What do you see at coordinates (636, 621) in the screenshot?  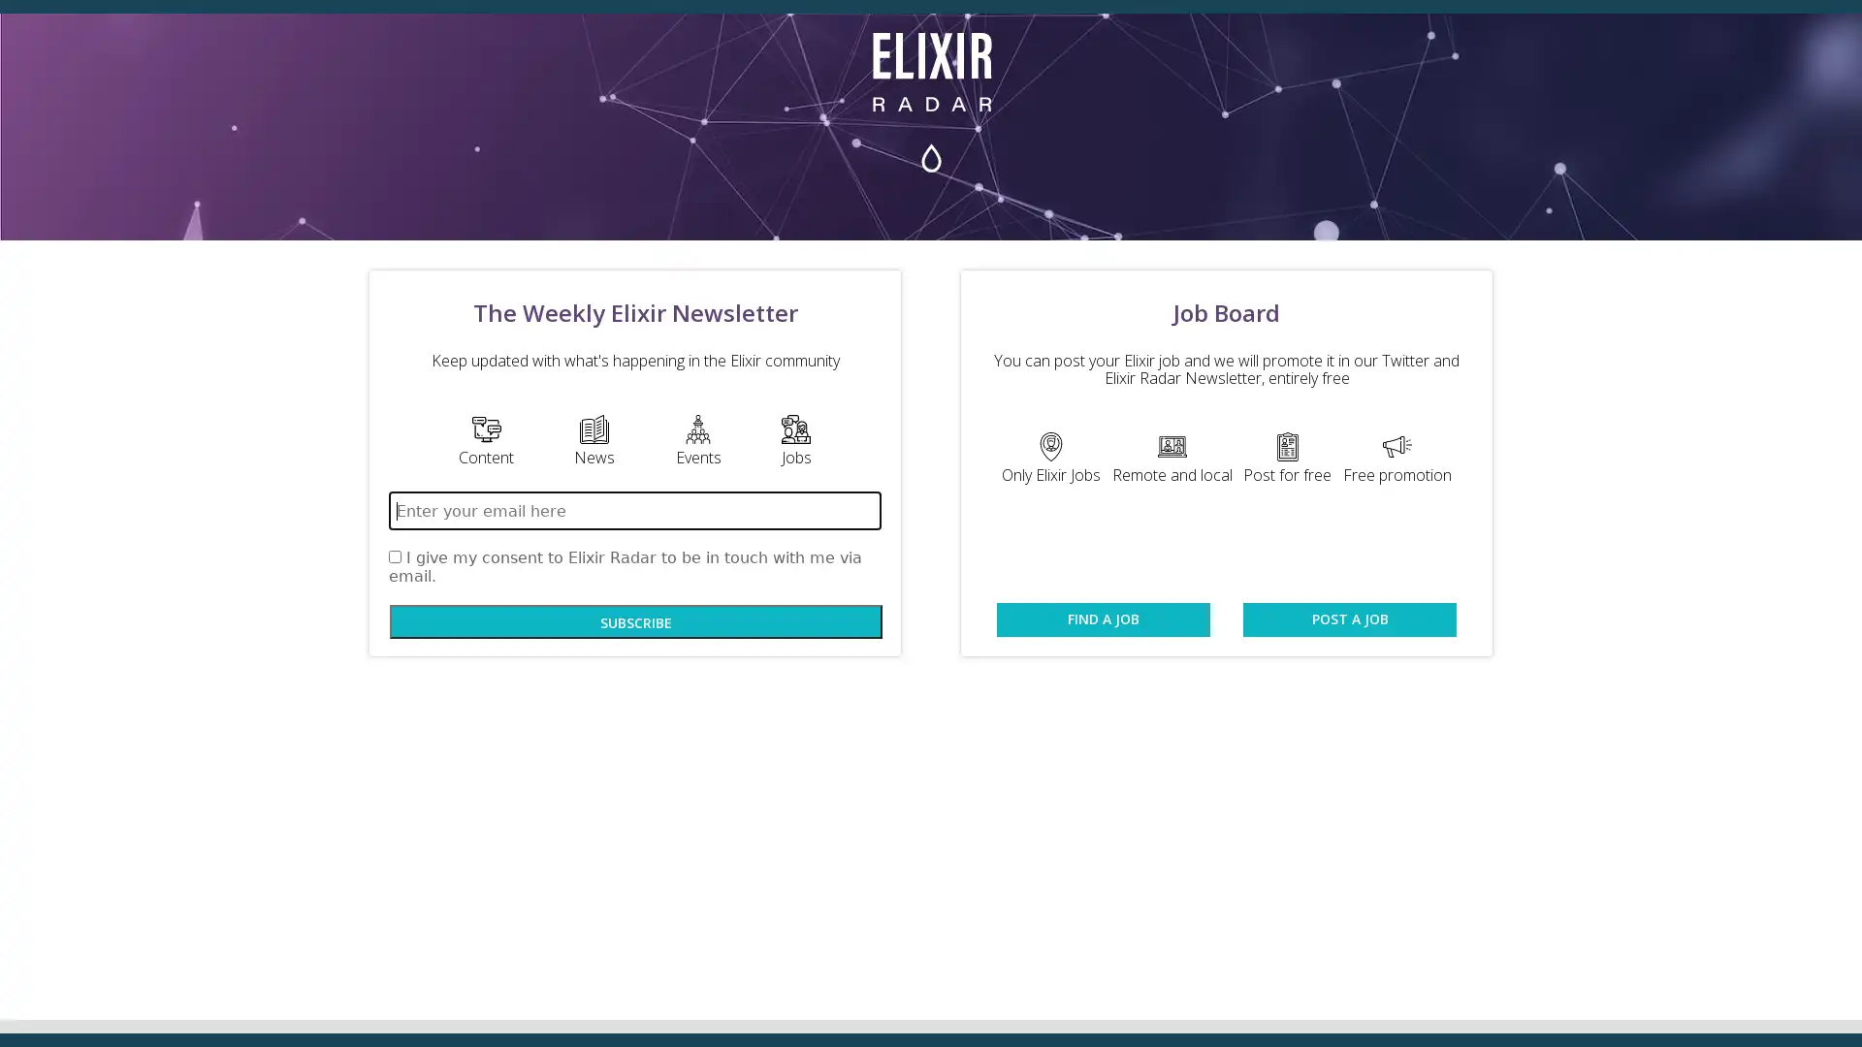 I see `SUBSCRIBE` at bounding box center [636, 621].